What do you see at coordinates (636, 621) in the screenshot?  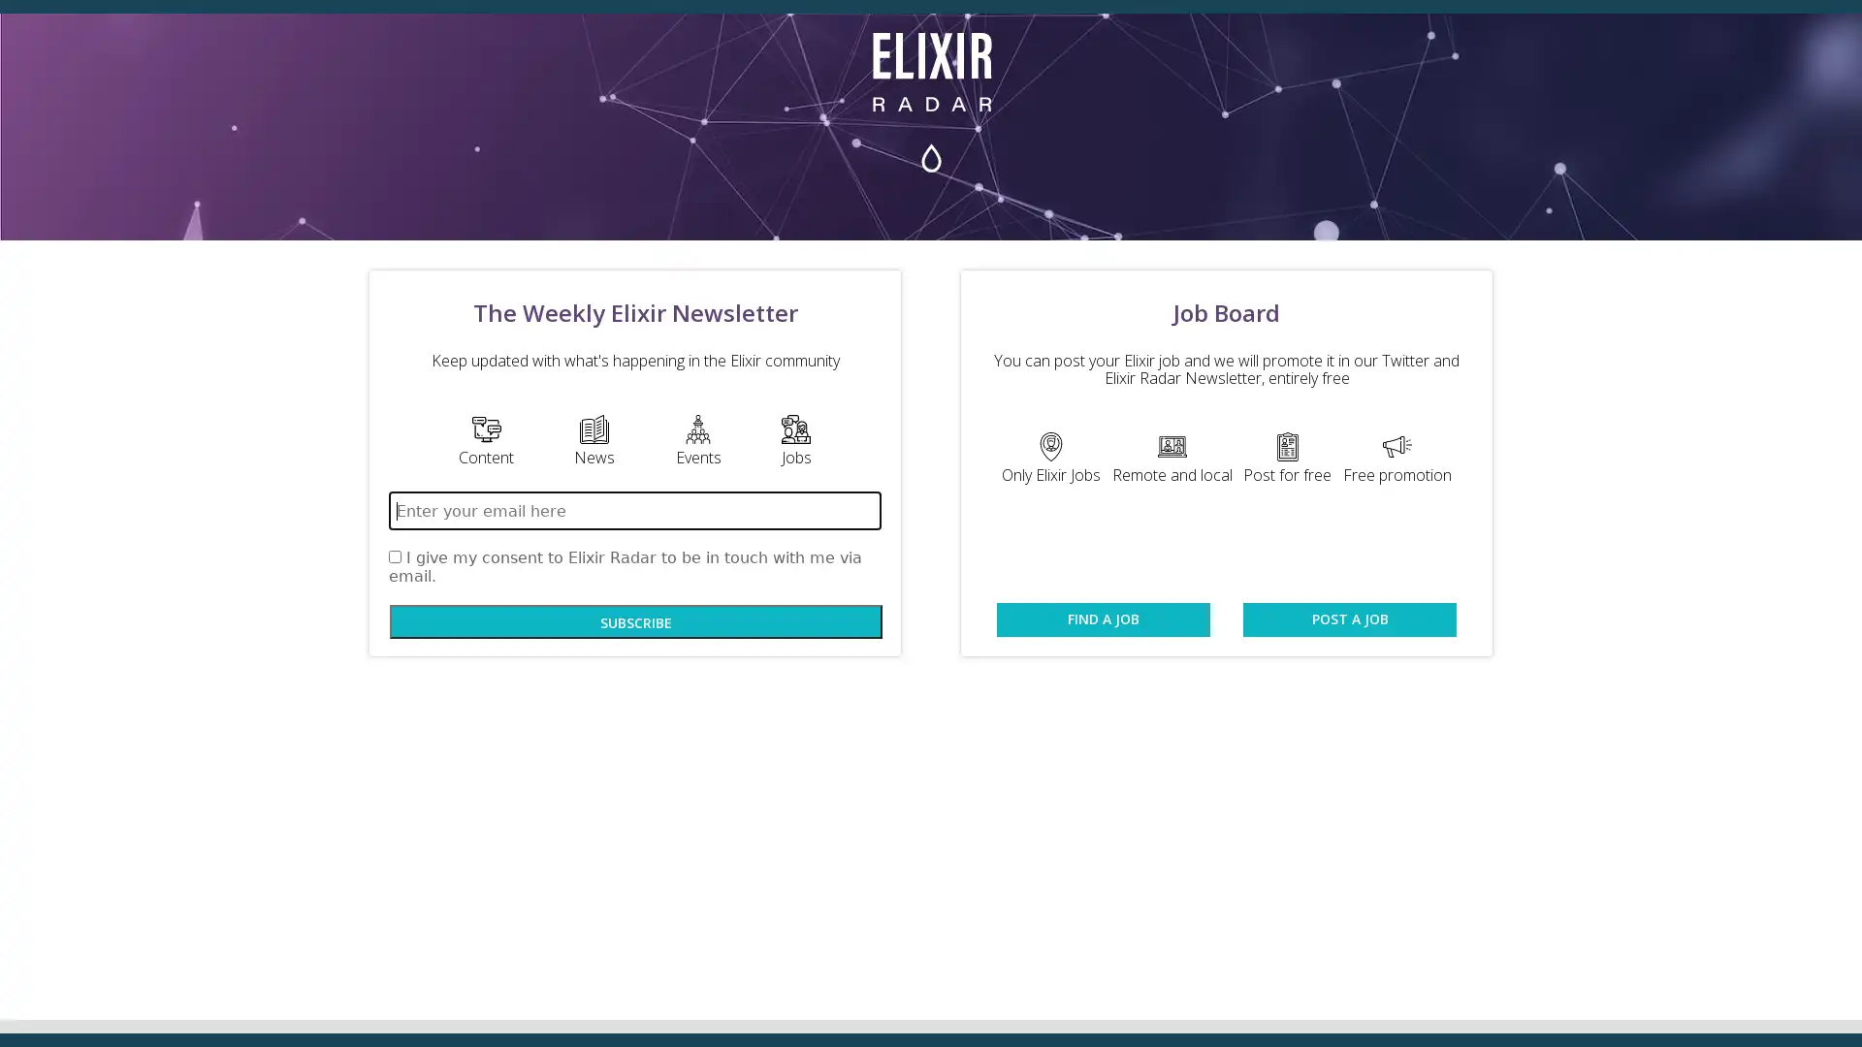 I see `SUBSCRIBE` at bounding box center [636, 621].